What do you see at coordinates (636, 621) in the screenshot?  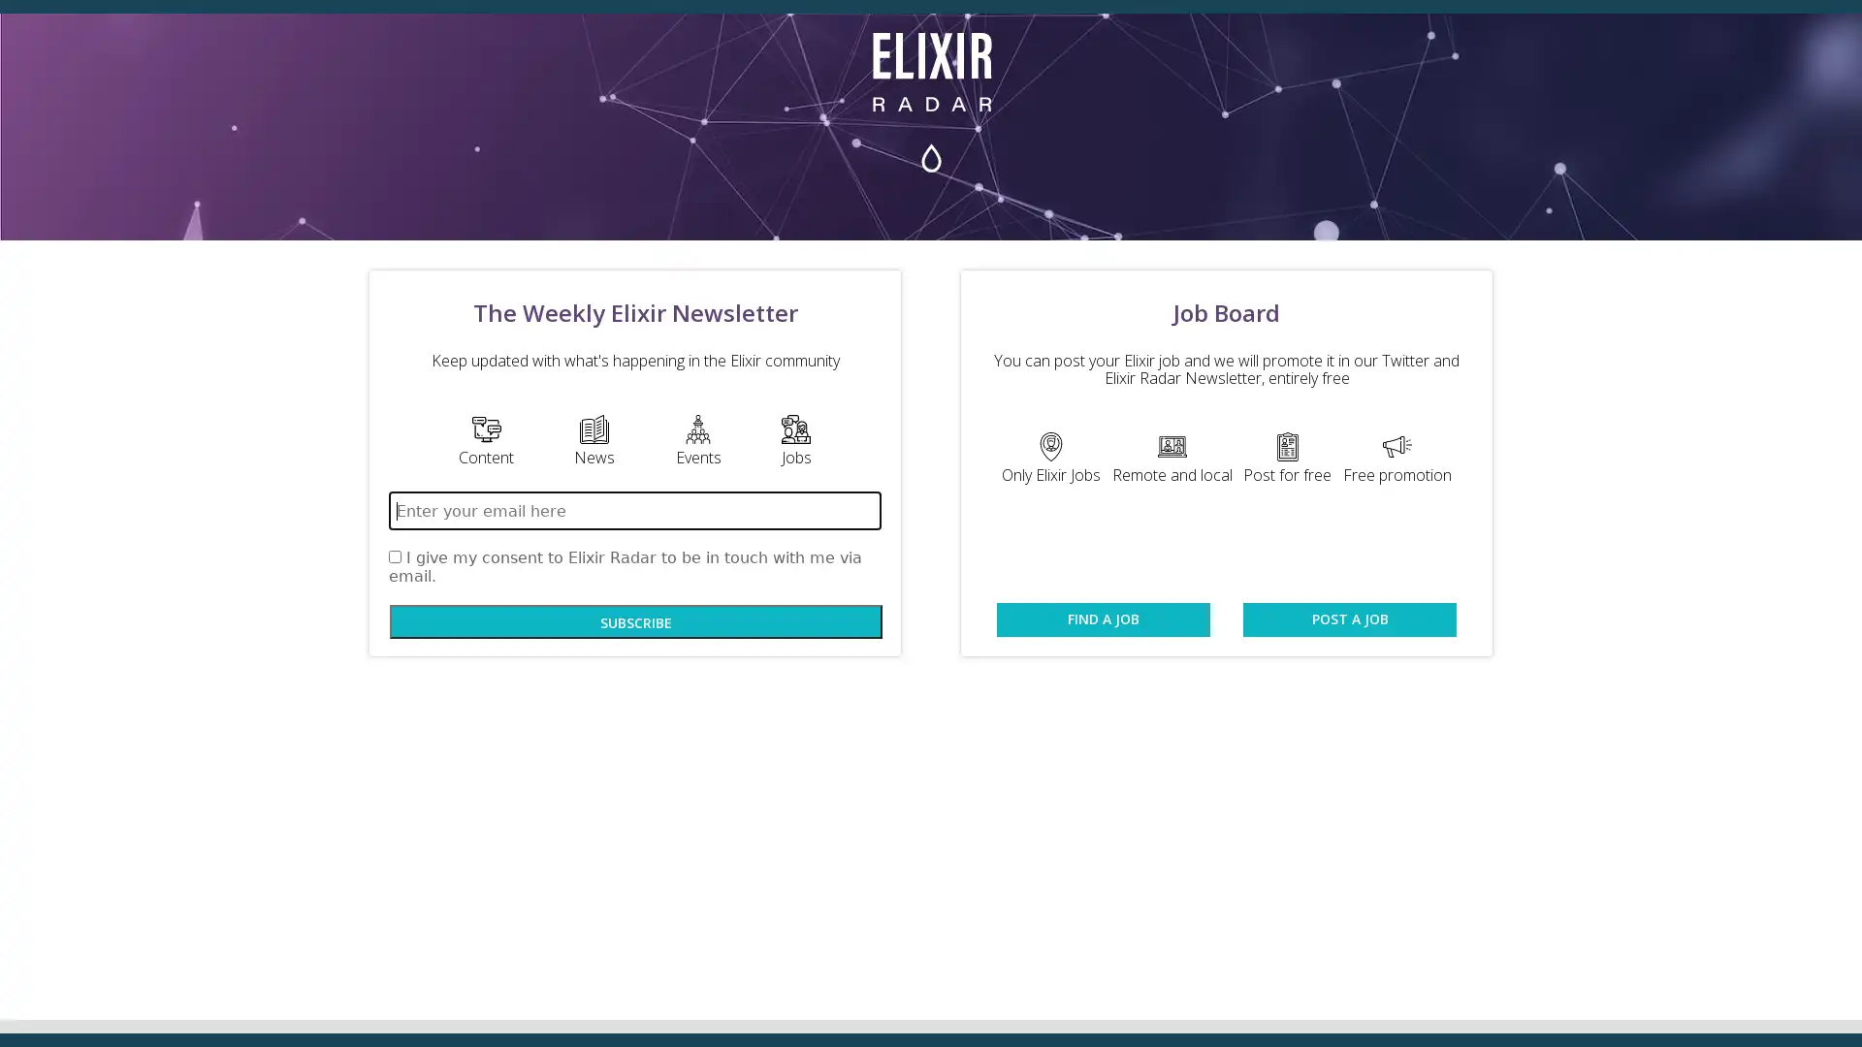 I see `SUBSCRIBE` at bounding box center [636, 621].